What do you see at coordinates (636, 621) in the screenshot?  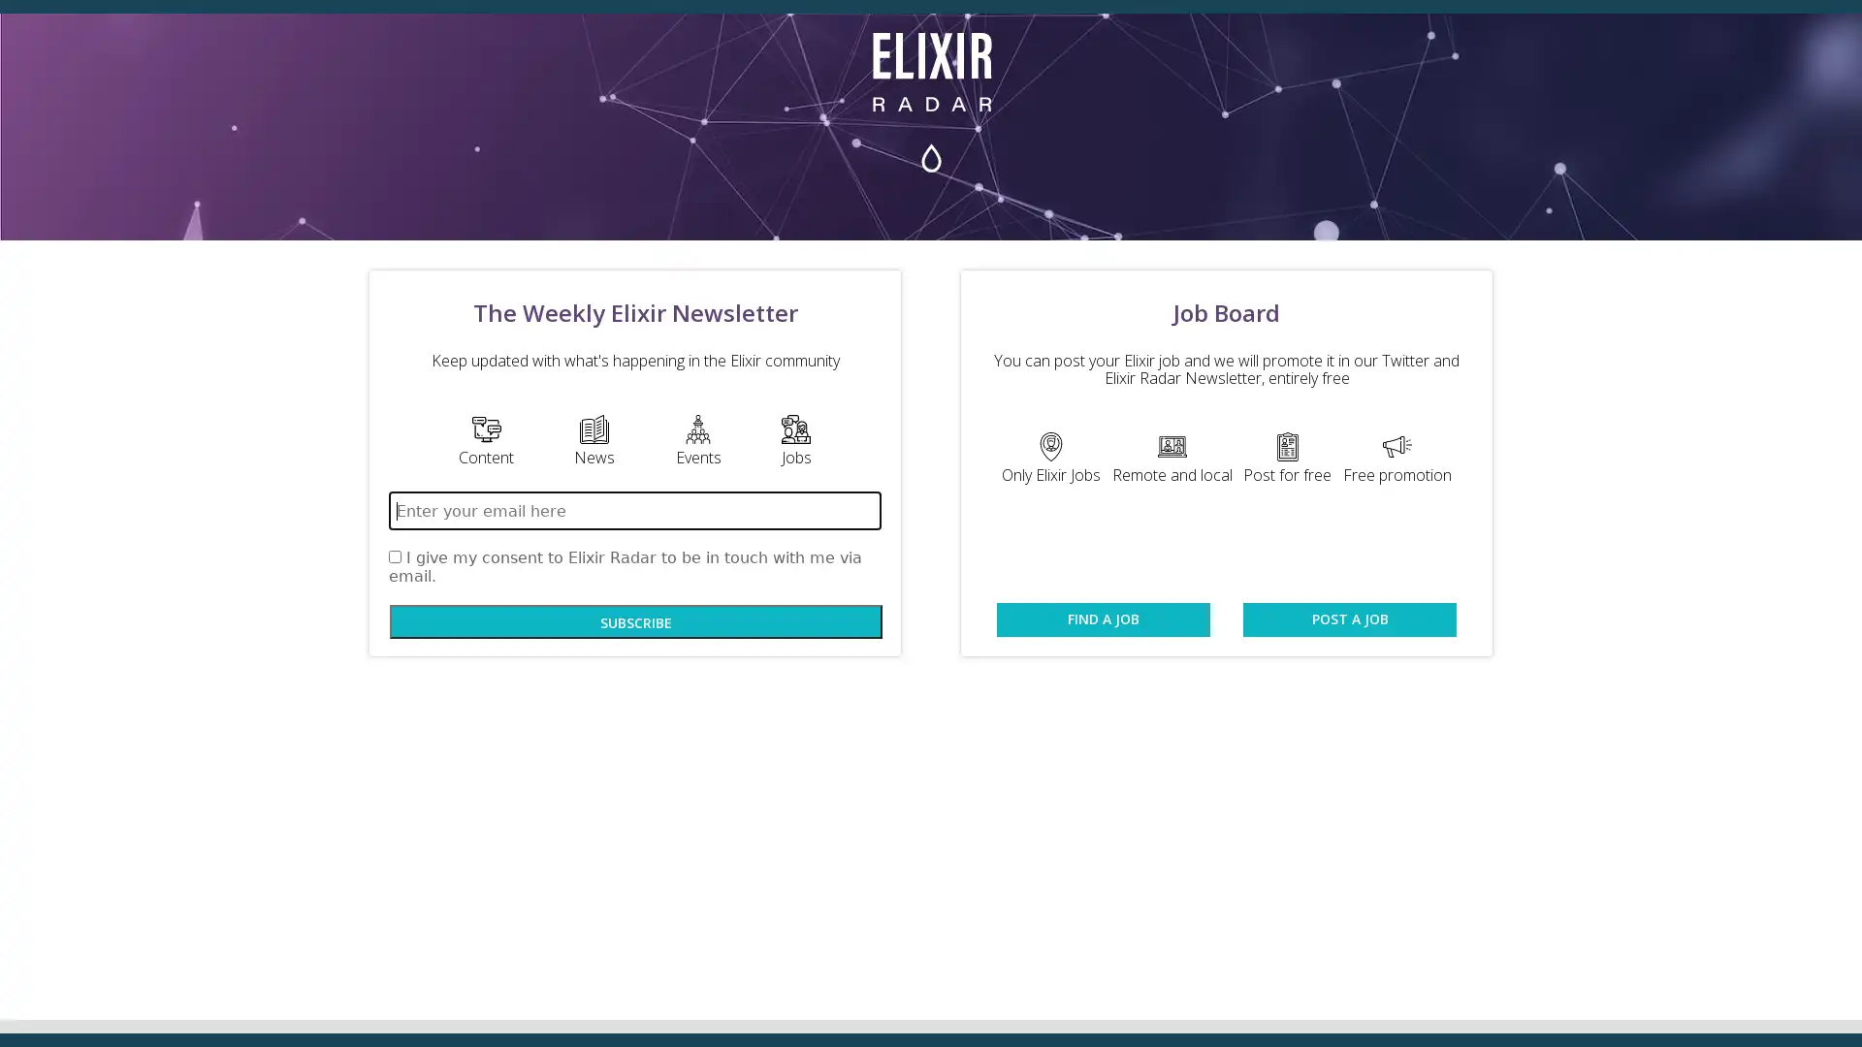 I see `SUBSCRIBE` at bounding box center [636, 621].